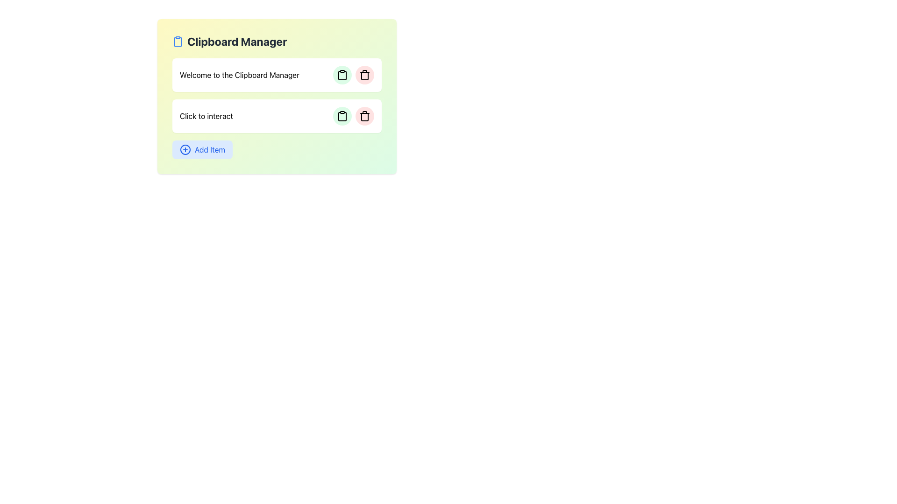 The height and width of the screenshot is (504, 897). What do you see at coordinates (178, 41) in the screenshot?
I see `the clipboard-shaped icon with a blue stroke color located at the top-left corner of the application window, next to the 'Clipboard Manager' title` at bounding box center [178, 41].